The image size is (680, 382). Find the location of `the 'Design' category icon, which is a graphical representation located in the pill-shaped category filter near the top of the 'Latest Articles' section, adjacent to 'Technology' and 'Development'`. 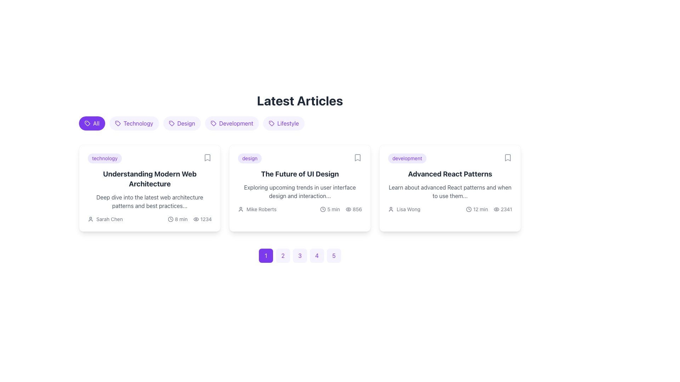

the 'Design' category icon, which is a graphical representation located in the pill-shaped category filter near the top of the 'Latest Articles' section, adjacent to 'Technology' and 'Development' is located at coordinates (171, 123).